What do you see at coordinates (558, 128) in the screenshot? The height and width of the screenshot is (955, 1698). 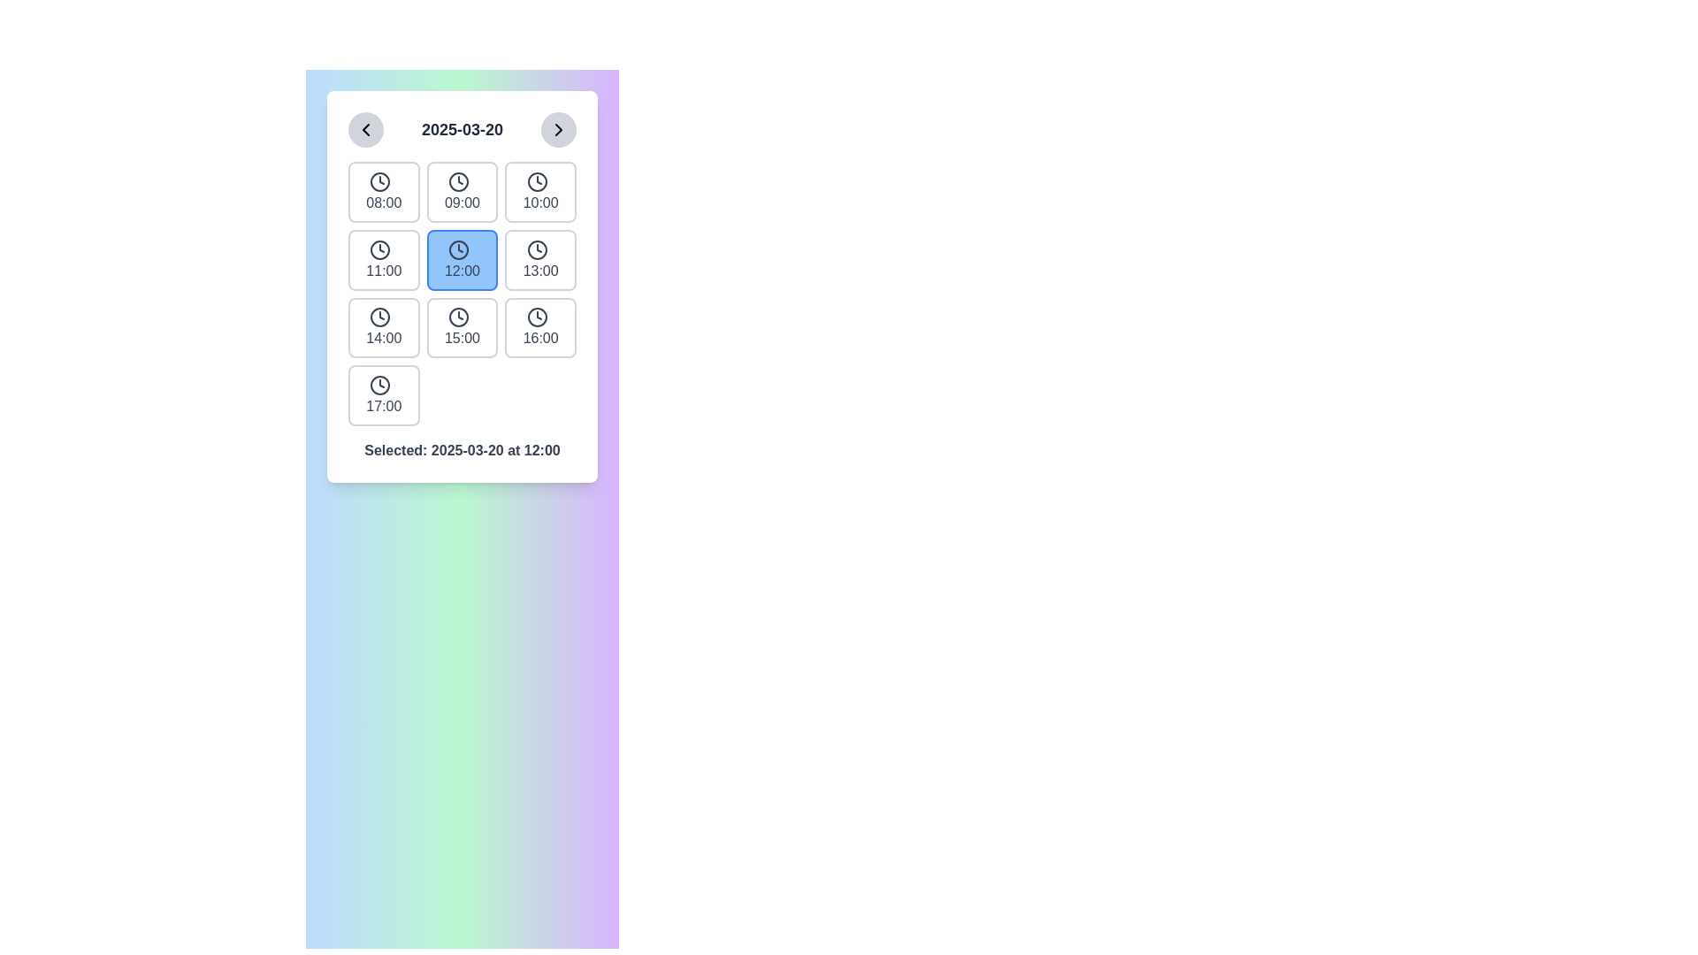 I see `the circular button with a light gray background and a right-facing chevron arrow to observe its hover effects` at bounding box center [558, 128].